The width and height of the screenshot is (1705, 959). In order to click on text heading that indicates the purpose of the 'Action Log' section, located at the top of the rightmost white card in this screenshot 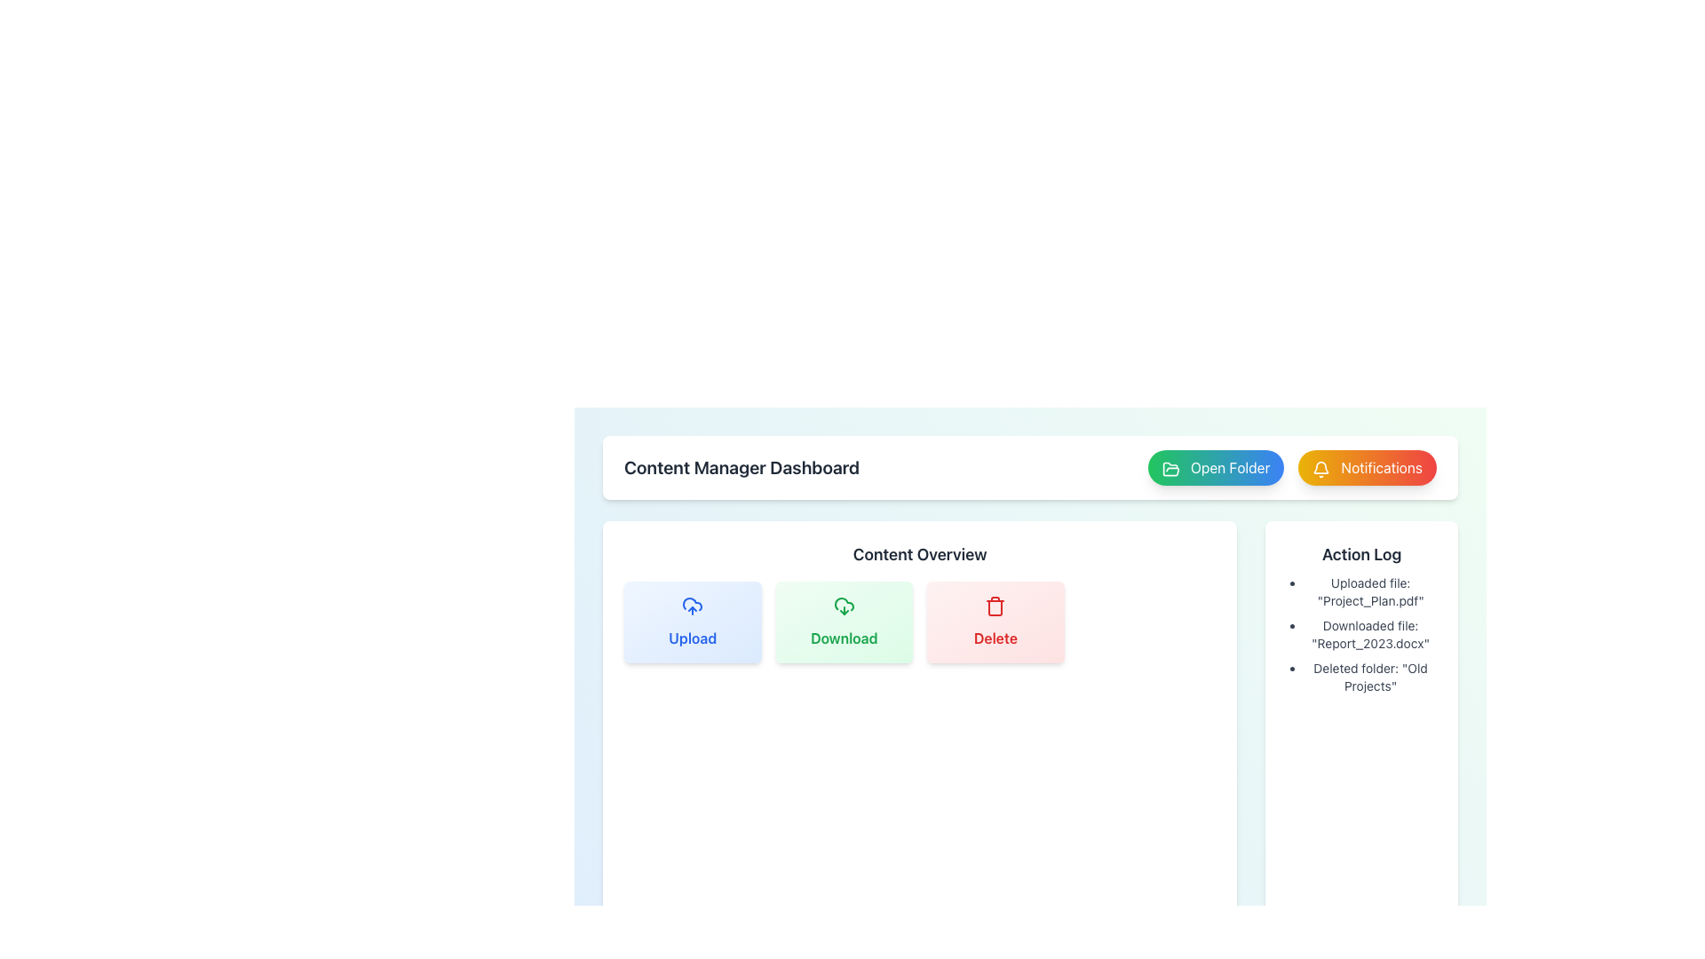, I will do `click(1360, 553)`.